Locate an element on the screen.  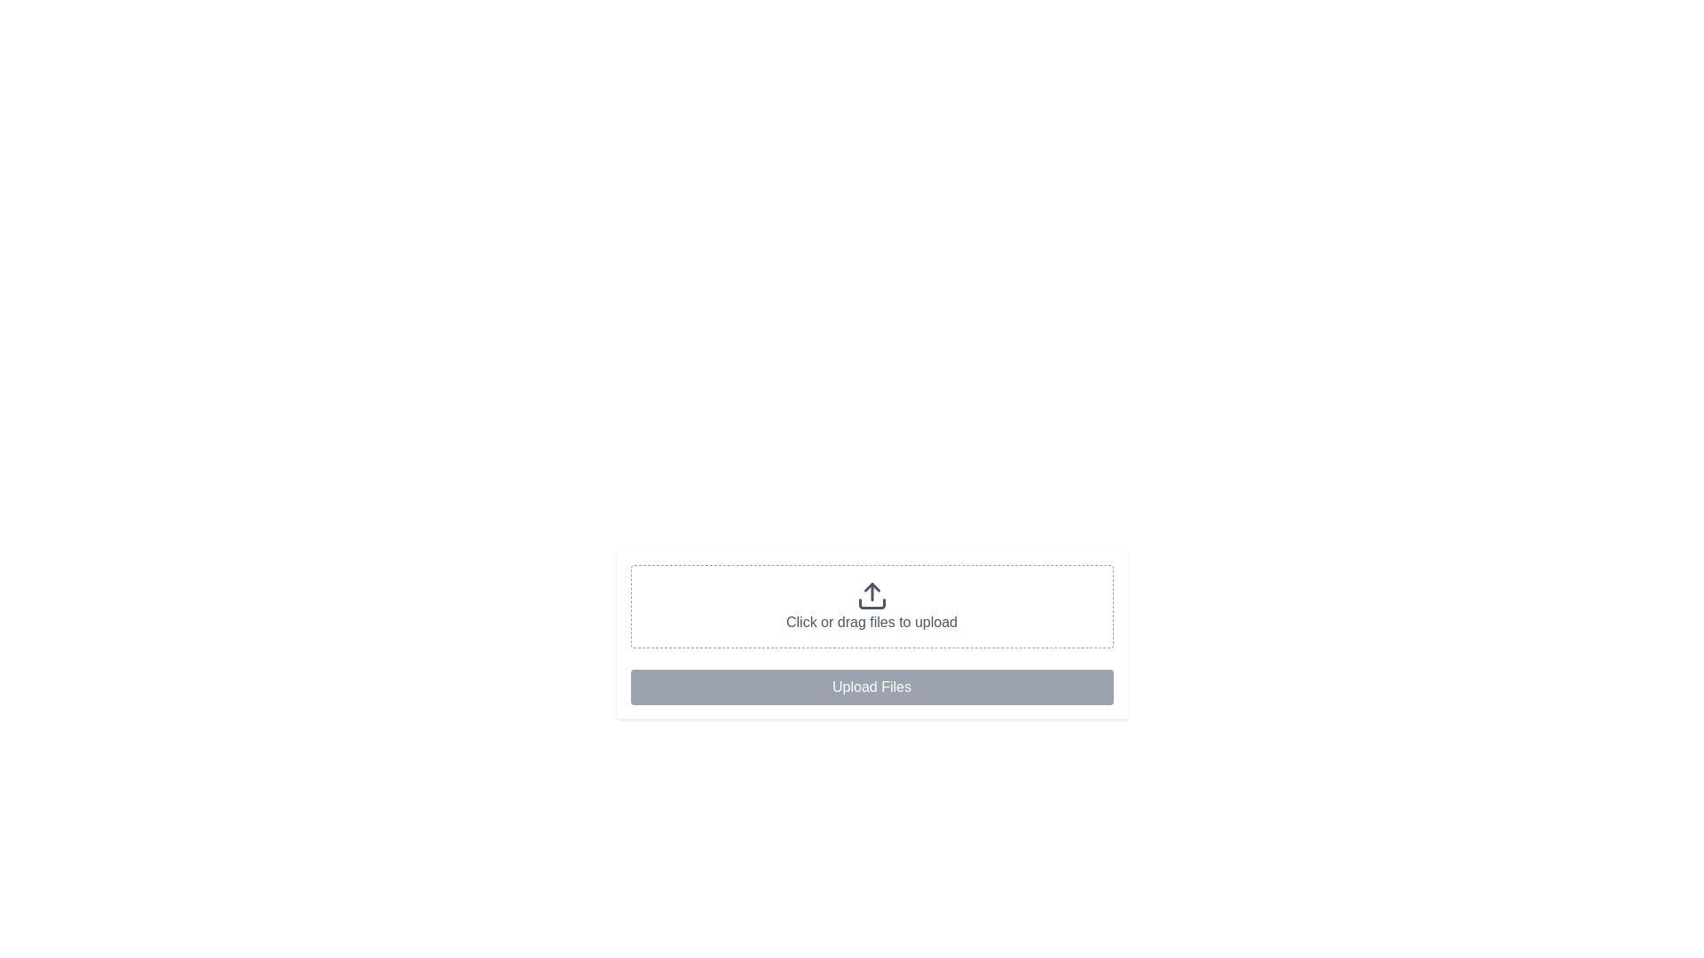
the horizontal rectangle shape at the bottom of the upload icon within the drag-and-drop upload area is located at coordinates (872, 603).